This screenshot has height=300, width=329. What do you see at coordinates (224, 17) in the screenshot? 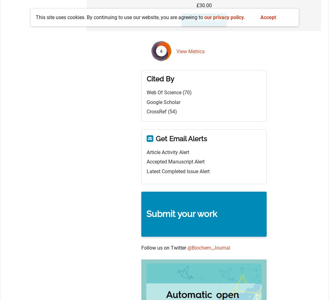
I see `'our privacy policy.'` at bounding box center [224, 17].